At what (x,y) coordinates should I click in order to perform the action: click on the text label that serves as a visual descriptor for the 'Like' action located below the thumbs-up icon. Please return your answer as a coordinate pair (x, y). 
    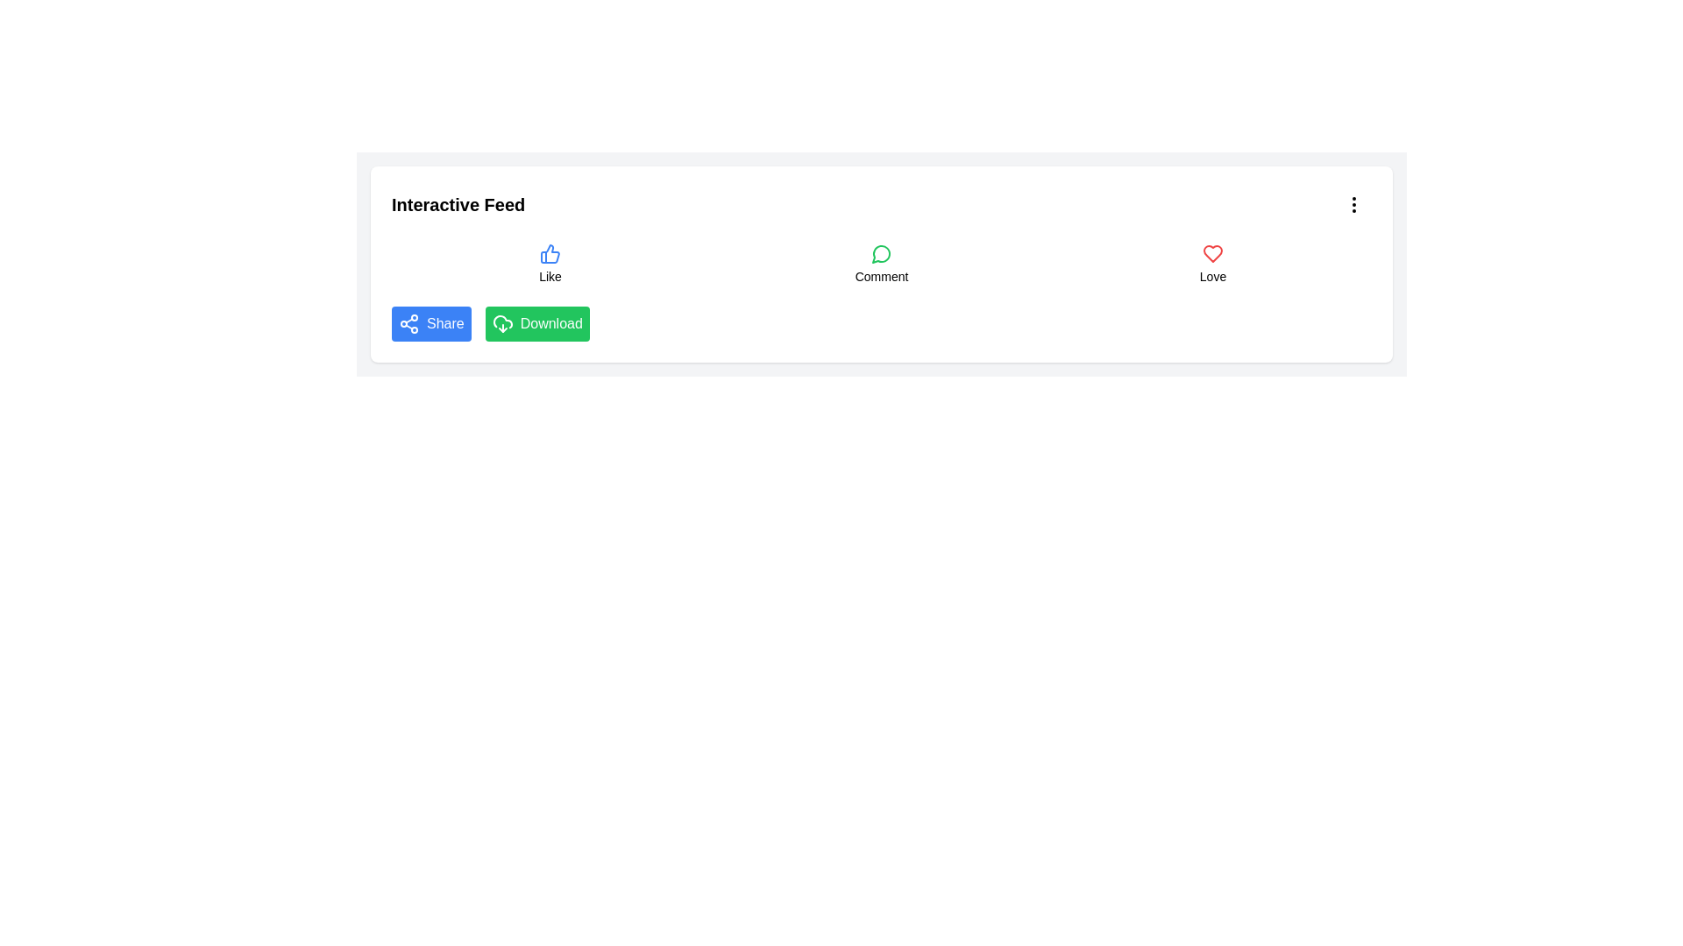
    Looking at the image, I should click on (550, 276).